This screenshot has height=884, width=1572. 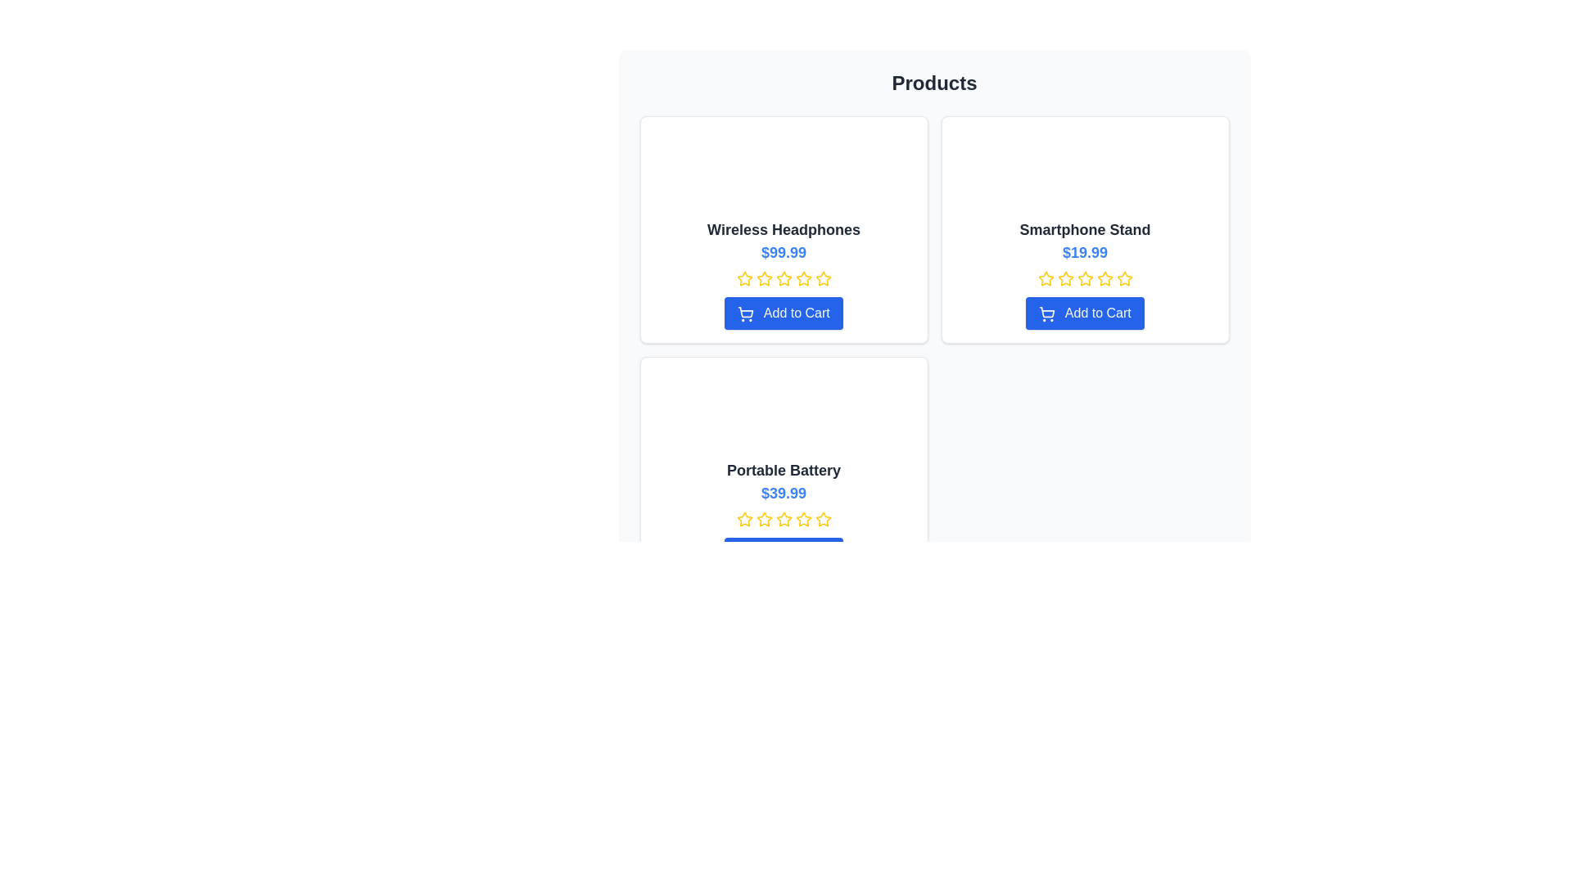 I want to click on the fourth star in the star rating icon group to rate the product 'Portable Battery.', so click(x=783, y=519).